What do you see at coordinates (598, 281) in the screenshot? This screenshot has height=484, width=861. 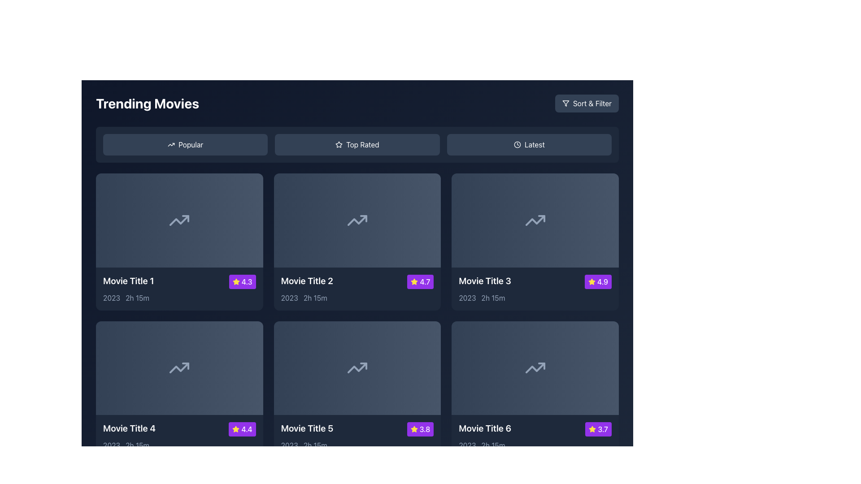 I see `the rating value displayed in the purple Rating Badge featuring a yellow star and the text '4.9' in white, located at the top-right corner of the card for 'Movie Title 3'` at bounding box center [598, 281].